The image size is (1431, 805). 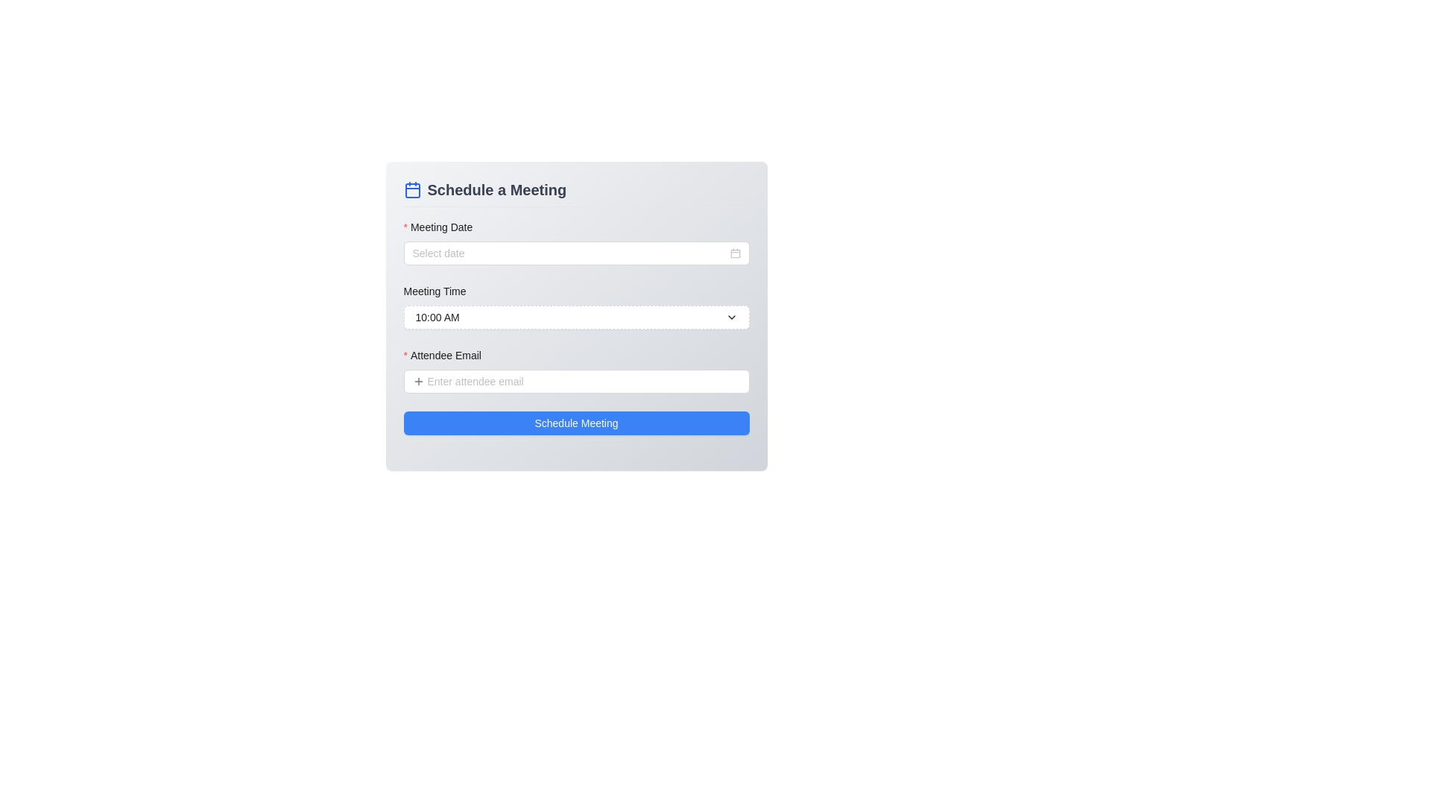 I want to click on the Date-picker input field located in the 'Schedule a Meeting' form under the 'Meeting Date' section, so click(x=575, y=252).